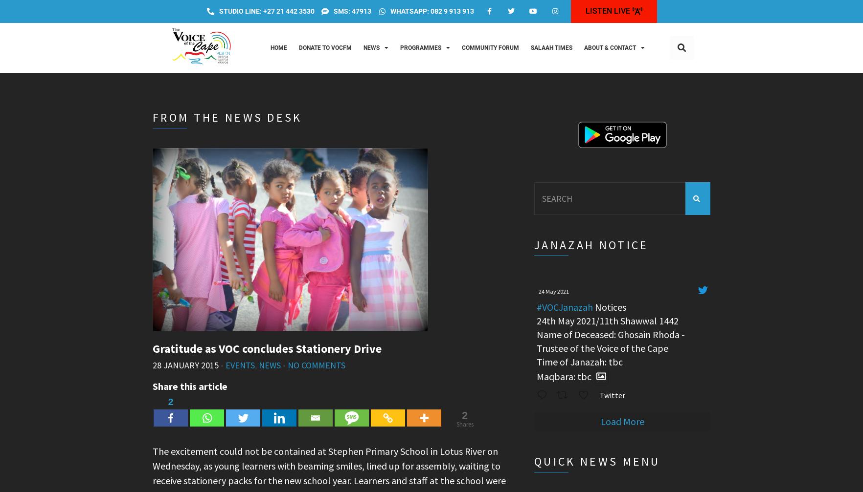 The image size is (863, 492). Describe the element at coordinates (537, 320) in the screenshot. I see `'24th May 2021/11th Shawwal 1442'` at that location.